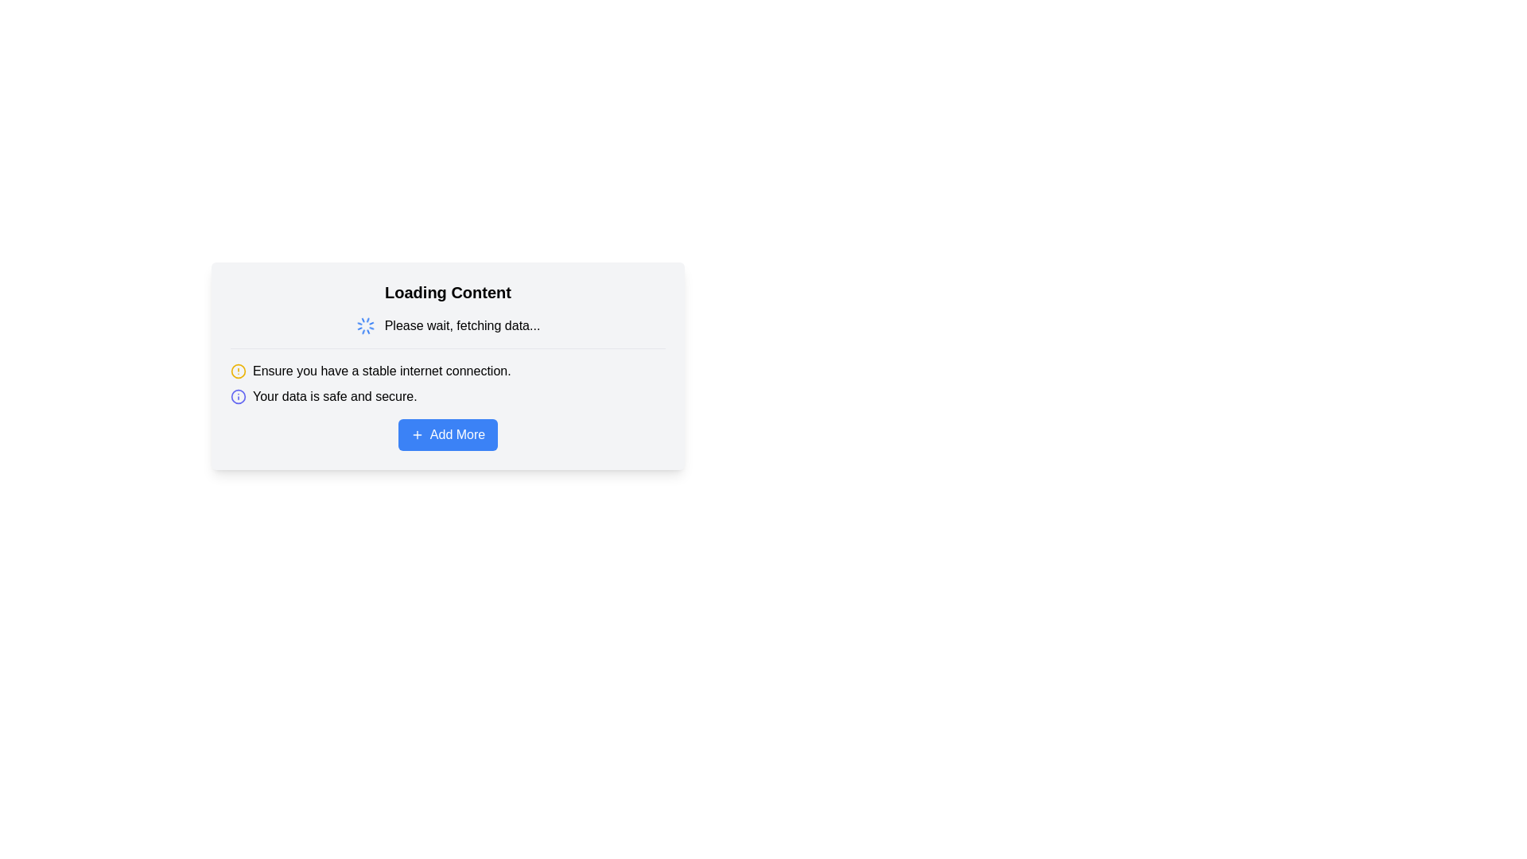 This screenshot has height=859, width=1527. I want to click on the text elements within the informational panel card that has a light gray background and a prominent blue button labeled 'Add More', so click(447, 366).